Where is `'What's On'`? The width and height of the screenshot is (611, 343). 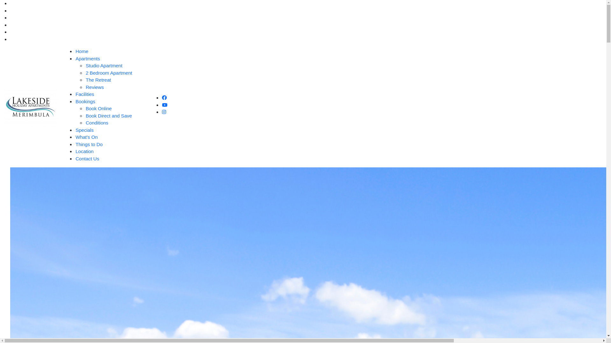 'What's On' is located at coordinates (86, 137).